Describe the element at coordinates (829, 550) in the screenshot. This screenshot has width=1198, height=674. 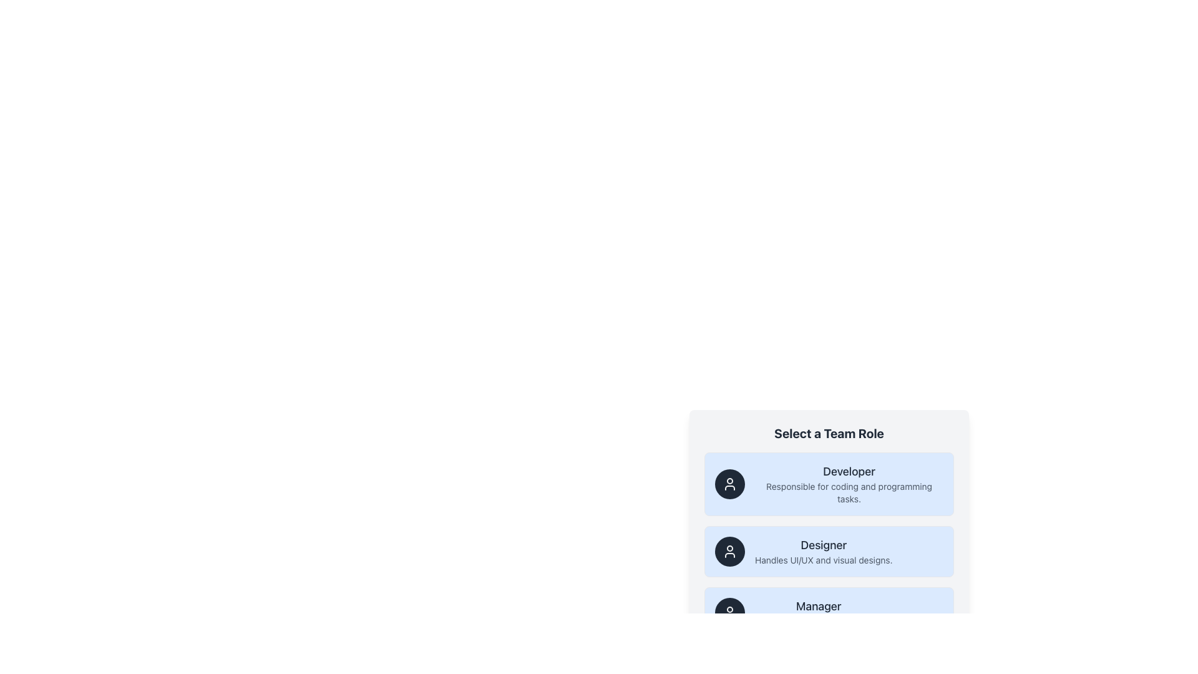
I see `the 'Designer' role option card, which is the second element in a vertical list of team roles, located below the 'Developer' option and above the 'Manager' option` at that location.